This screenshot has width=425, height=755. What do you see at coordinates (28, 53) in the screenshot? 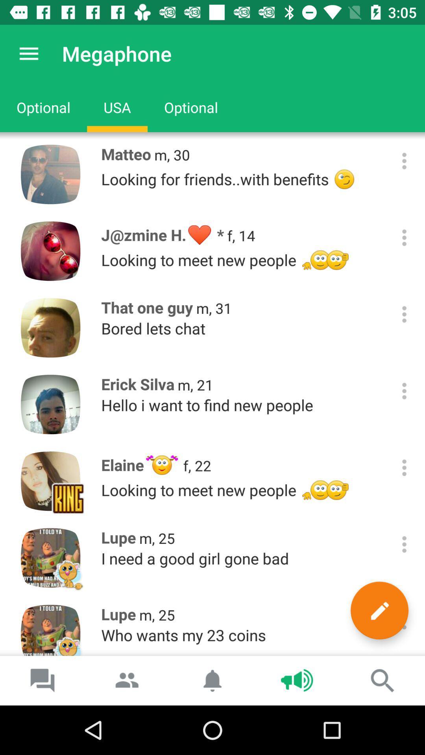
I see `the icon to the left of megaphone` at bounding box center [28, 53].